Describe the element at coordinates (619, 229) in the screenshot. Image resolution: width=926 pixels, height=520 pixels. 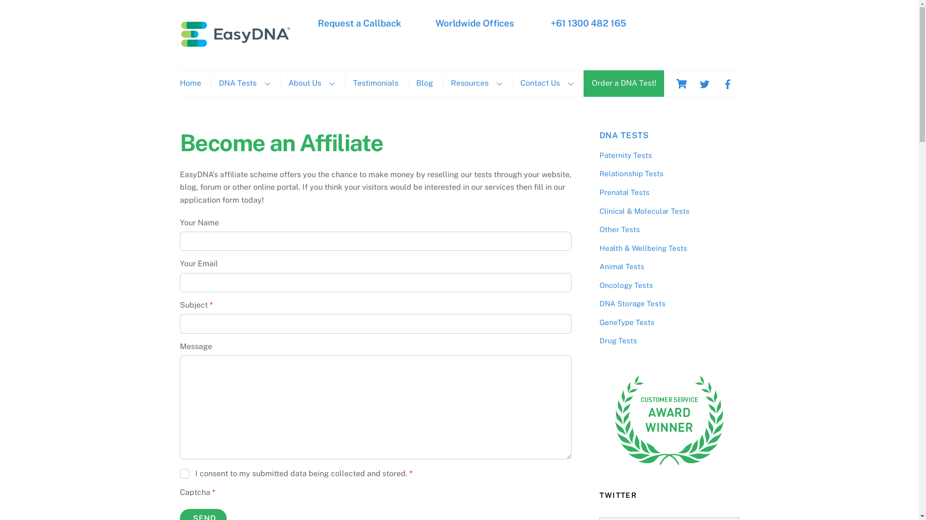
I see `'Other Tests'` at that location.